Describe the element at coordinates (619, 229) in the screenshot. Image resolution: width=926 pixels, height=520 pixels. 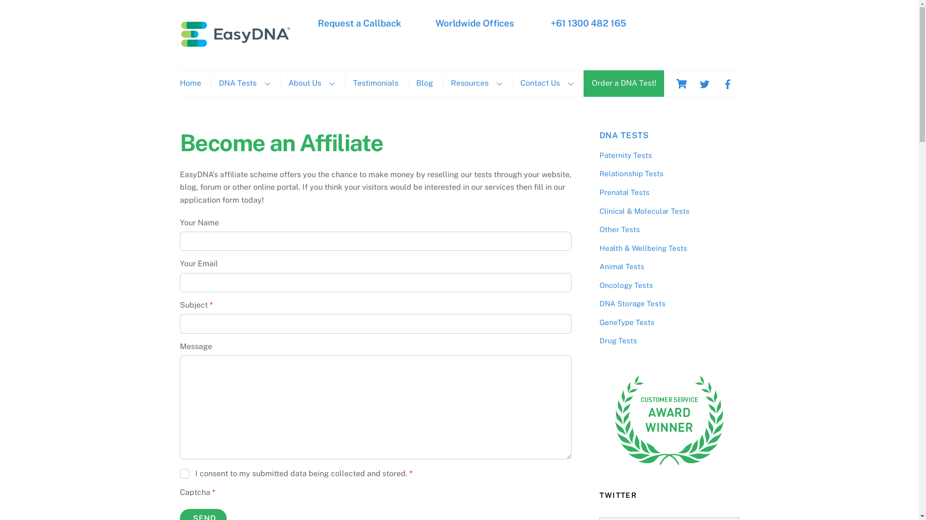
I see `'Other Tests'` at that location.